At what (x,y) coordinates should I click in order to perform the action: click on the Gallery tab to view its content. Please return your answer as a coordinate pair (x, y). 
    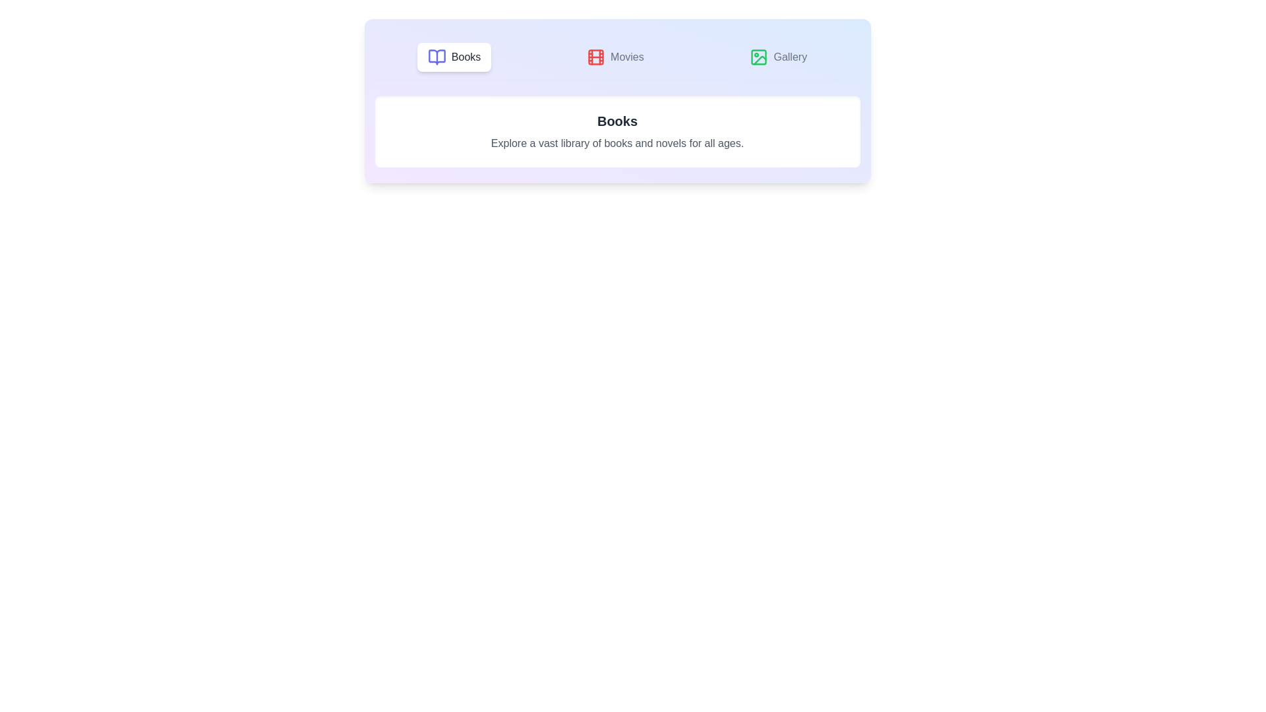
    Looking at the image, I should click on (778, 57).